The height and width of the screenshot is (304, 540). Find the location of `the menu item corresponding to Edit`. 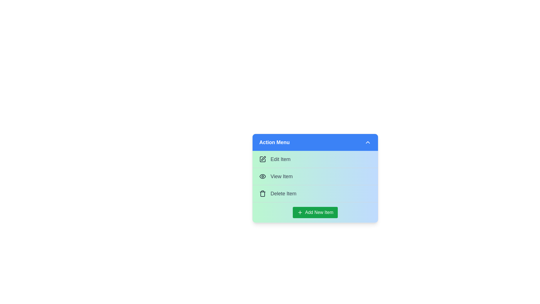

the menu item corresponding to Edit is located at coordinates (315, 159).